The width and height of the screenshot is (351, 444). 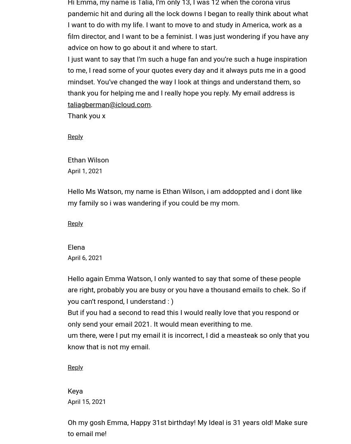 What do you see at coordinates (88, 160) in the screenshot?
I see `'Ethan Wilson'` at bounding box center [88, 160].